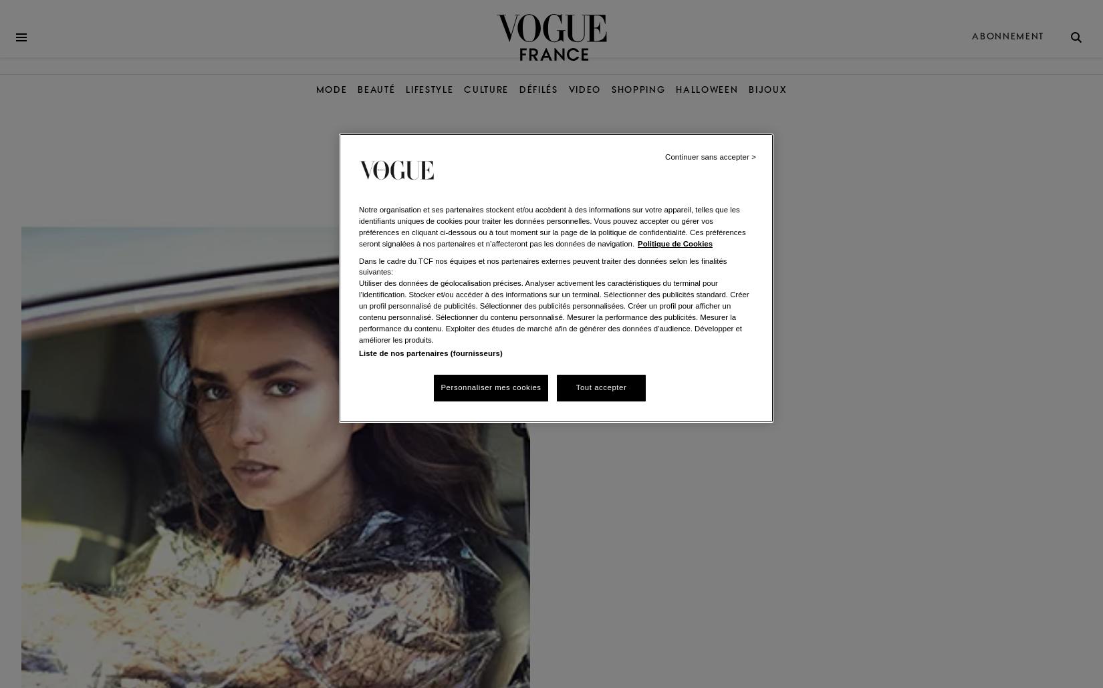 This screenshot has height=688, width=1103. Describe the element at coordinates (1007, 36) in the screenshot. I see `'Abonnement'` at that location.